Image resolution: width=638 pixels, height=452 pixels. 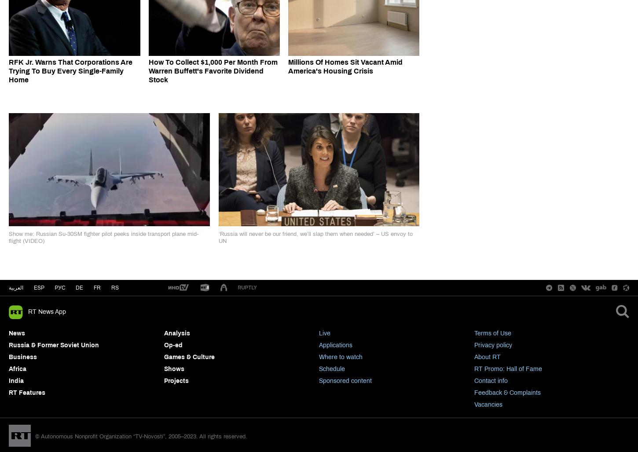 I want to click on 'Business', so click(x=23, y=357).